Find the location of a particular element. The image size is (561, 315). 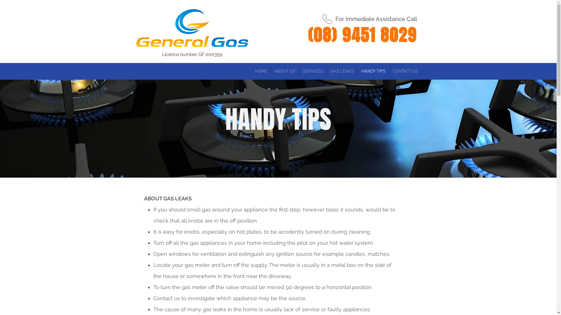

'SERVICES' is located at coordinates (312, 71).